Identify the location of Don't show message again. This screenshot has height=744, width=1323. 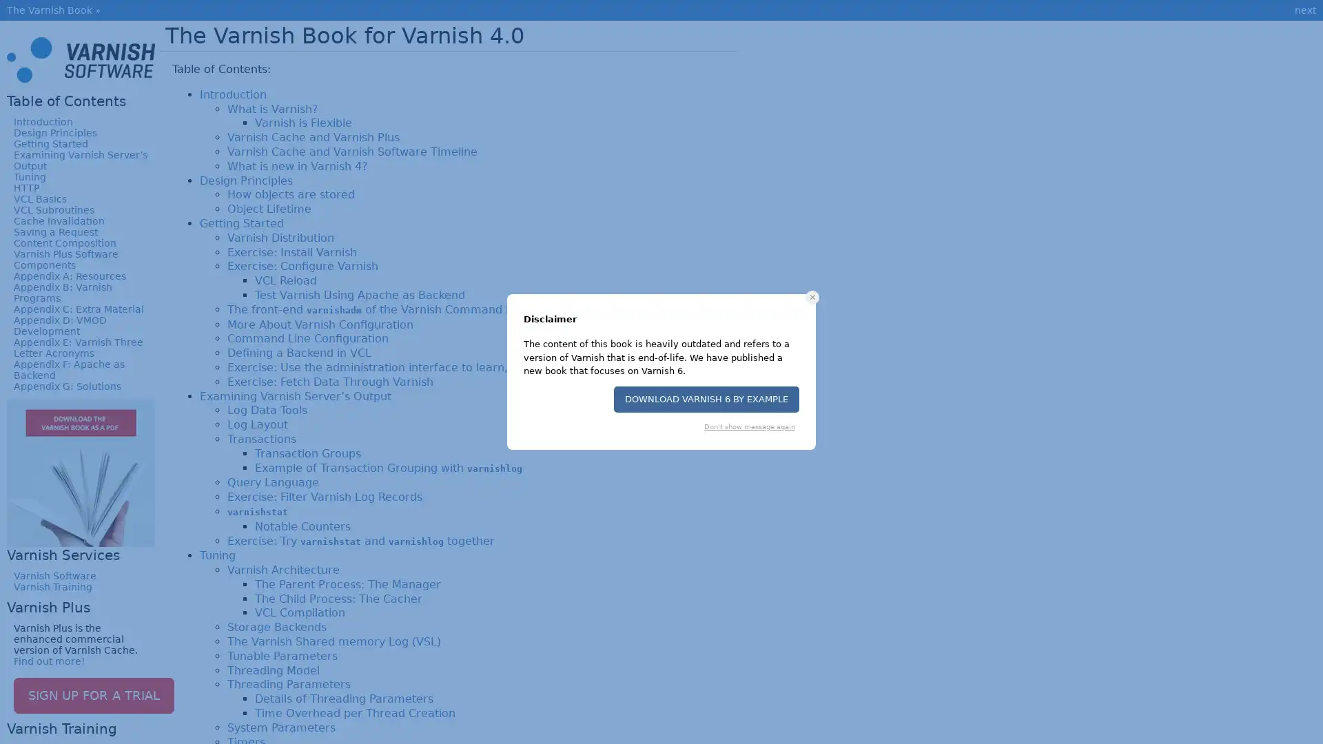
(749, 424).